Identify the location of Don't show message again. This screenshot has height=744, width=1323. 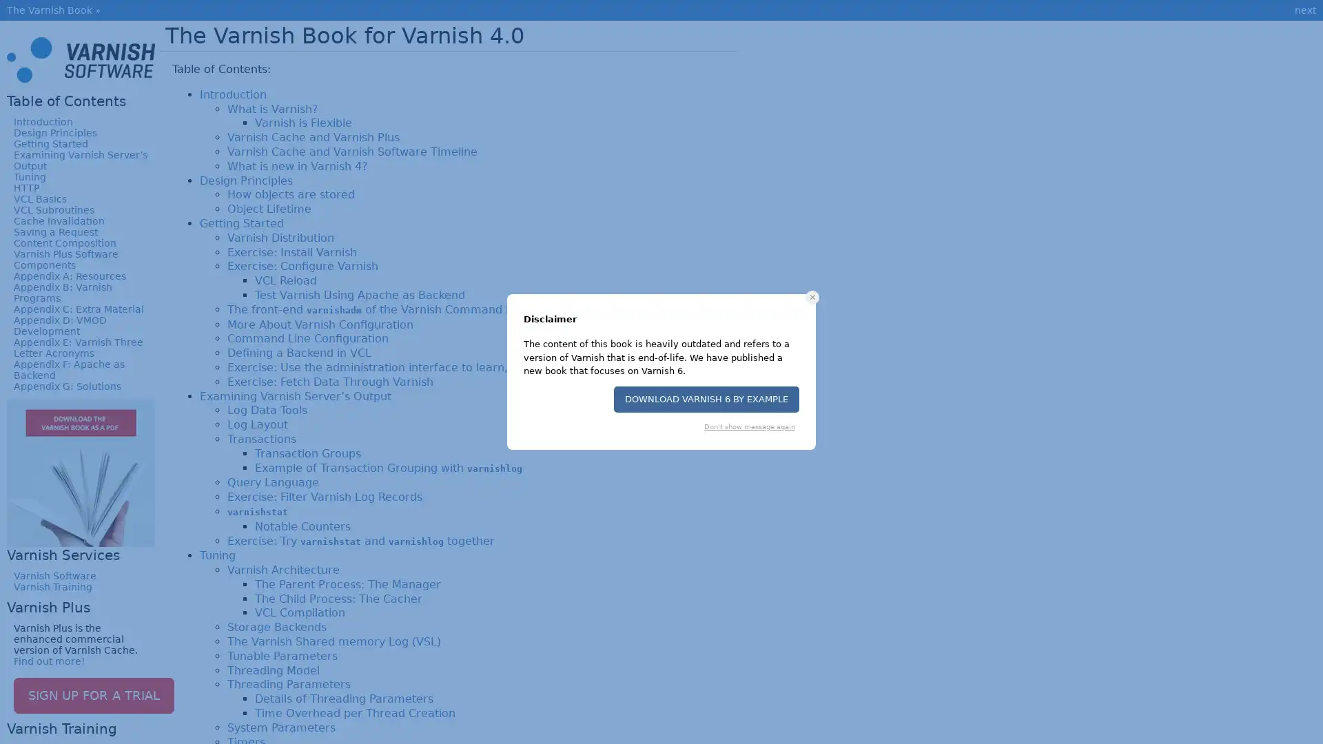
(749, 424).